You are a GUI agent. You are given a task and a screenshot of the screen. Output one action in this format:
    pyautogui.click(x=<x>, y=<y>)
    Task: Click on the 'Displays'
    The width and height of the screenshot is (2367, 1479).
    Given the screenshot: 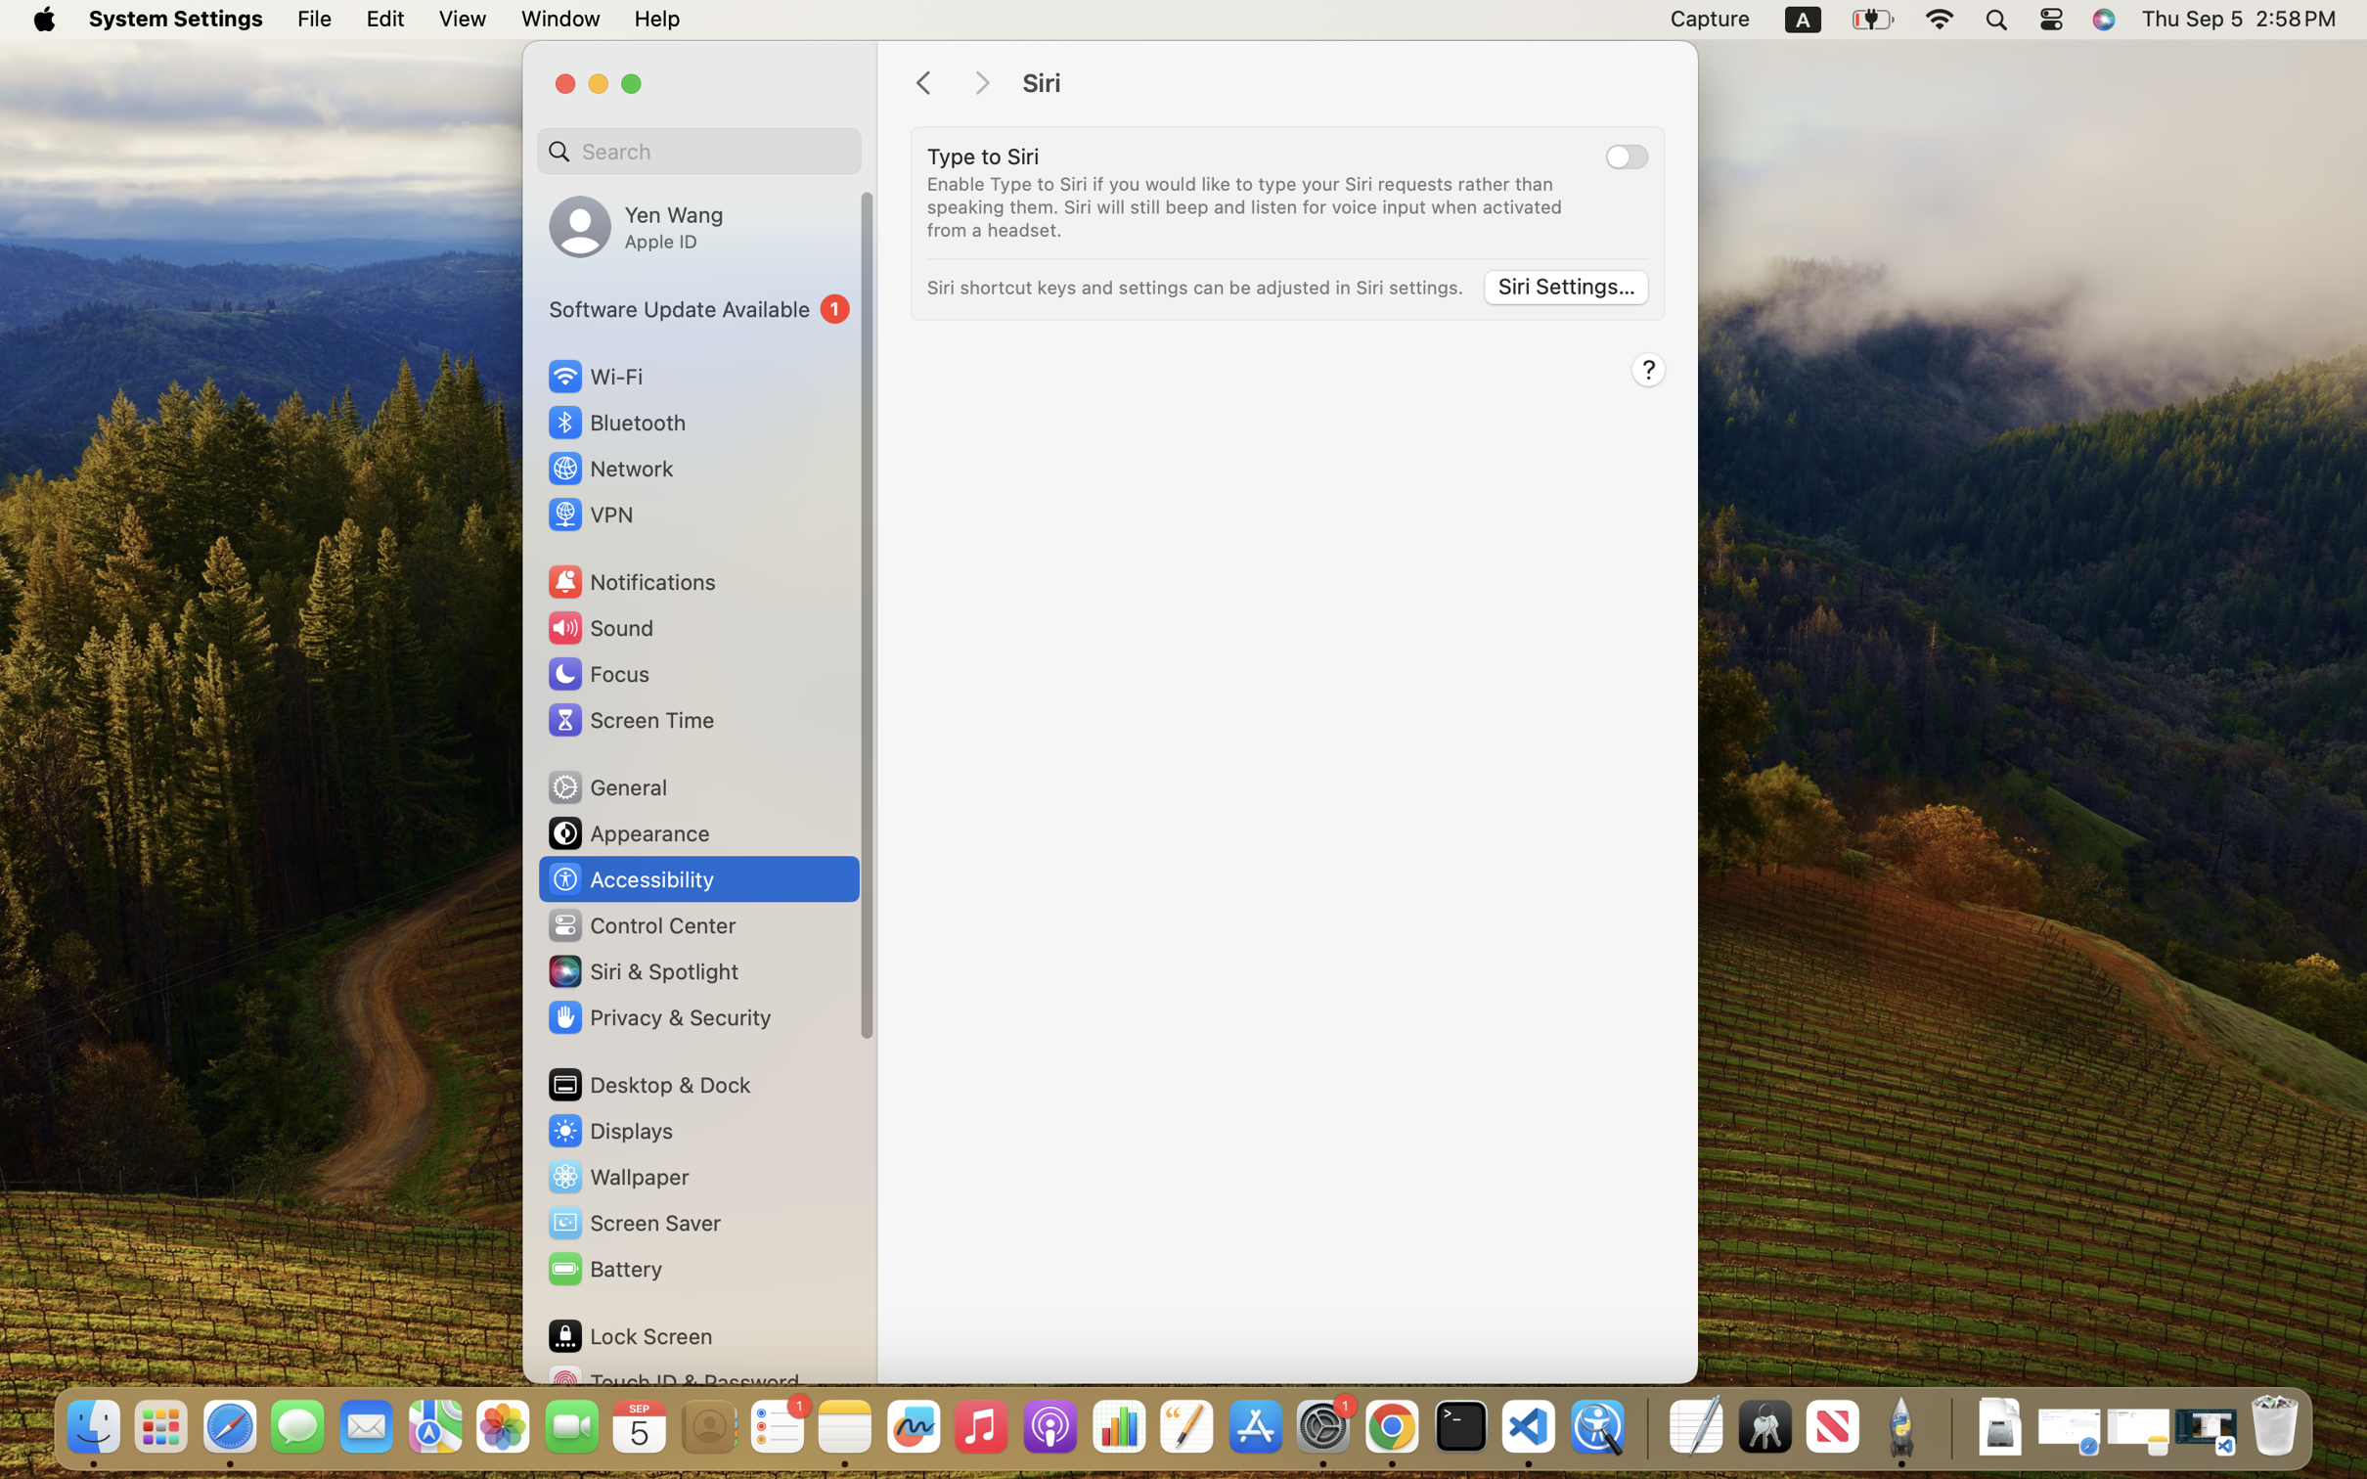 What is the action you would take?
    pyautogui.click(x=609, y=1129)
    